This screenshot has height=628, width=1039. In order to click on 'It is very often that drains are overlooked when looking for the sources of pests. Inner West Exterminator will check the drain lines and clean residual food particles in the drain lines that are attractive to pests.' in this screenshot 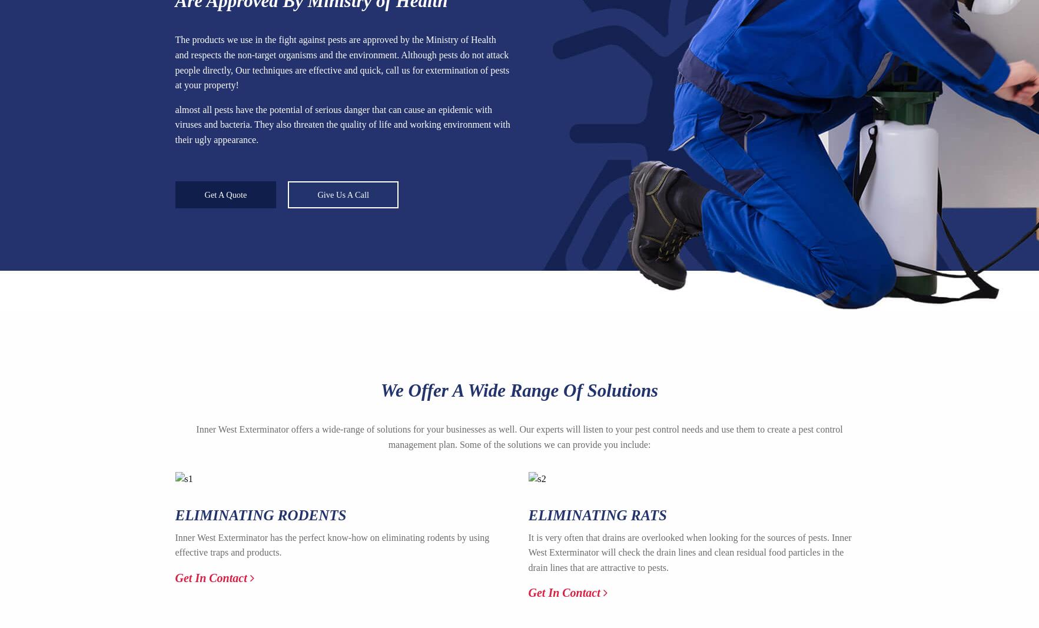, I will do `click(689, 551)`.